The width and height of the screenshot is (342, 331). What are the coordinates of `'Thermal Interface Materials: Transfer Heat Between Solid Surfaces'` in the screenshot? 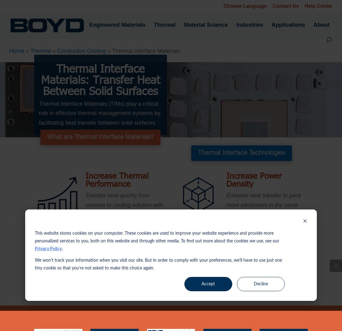 It's located at (100, 78).